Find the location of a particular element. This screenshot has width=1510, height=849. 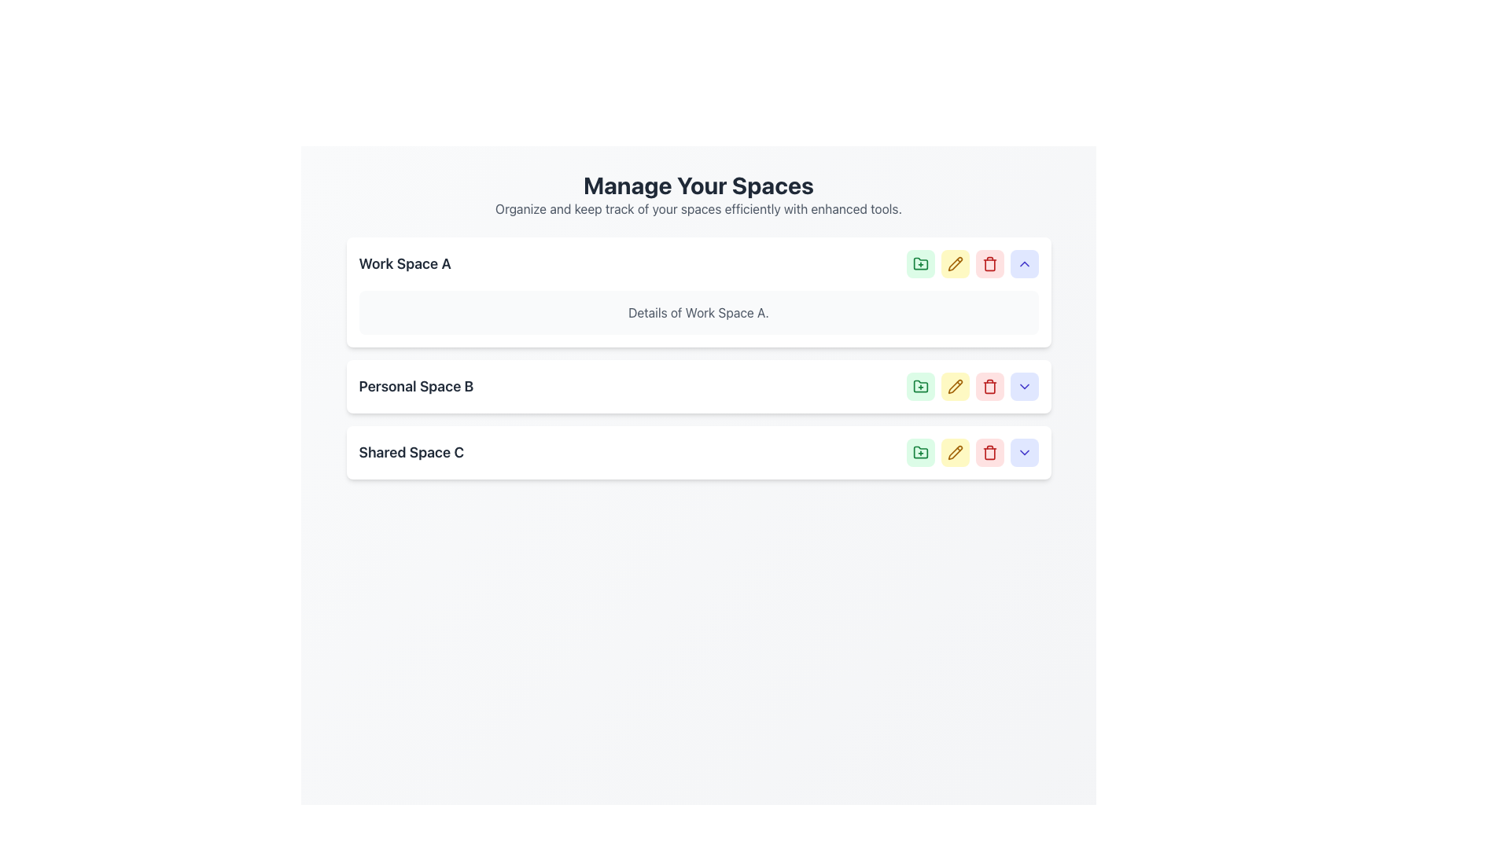

the folder icon with a plus symbol inside it, located in the first row of workspace options is located at coordinates (920, 263).